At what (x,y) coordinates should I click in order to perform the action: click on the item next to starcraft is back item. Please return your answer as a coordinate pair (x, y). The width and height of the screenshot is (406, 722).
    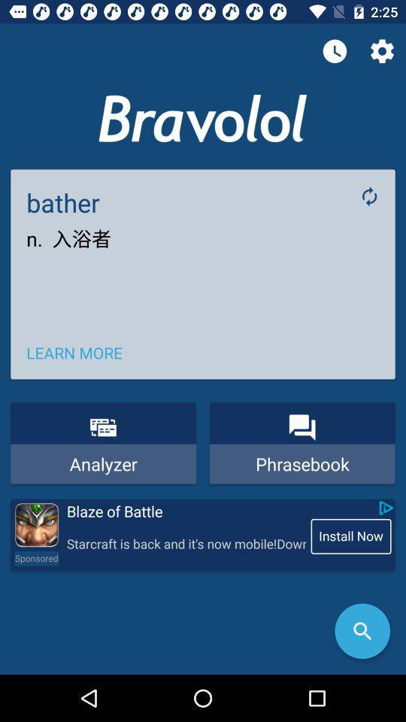
    Looking at the image, I should click on (36, 557).